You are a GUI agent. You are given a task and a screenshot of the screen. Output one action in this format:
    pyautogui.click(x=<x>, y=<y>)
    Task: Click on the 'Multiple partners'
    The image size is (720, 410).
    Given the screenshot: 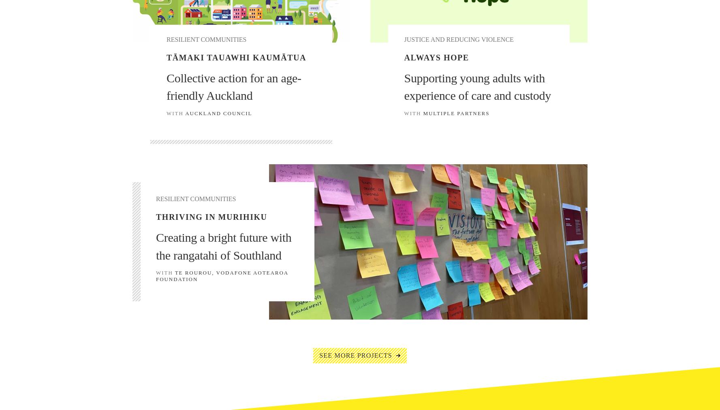 What is the action you would take?
    pyautogui.click(x=456, y=113)
    